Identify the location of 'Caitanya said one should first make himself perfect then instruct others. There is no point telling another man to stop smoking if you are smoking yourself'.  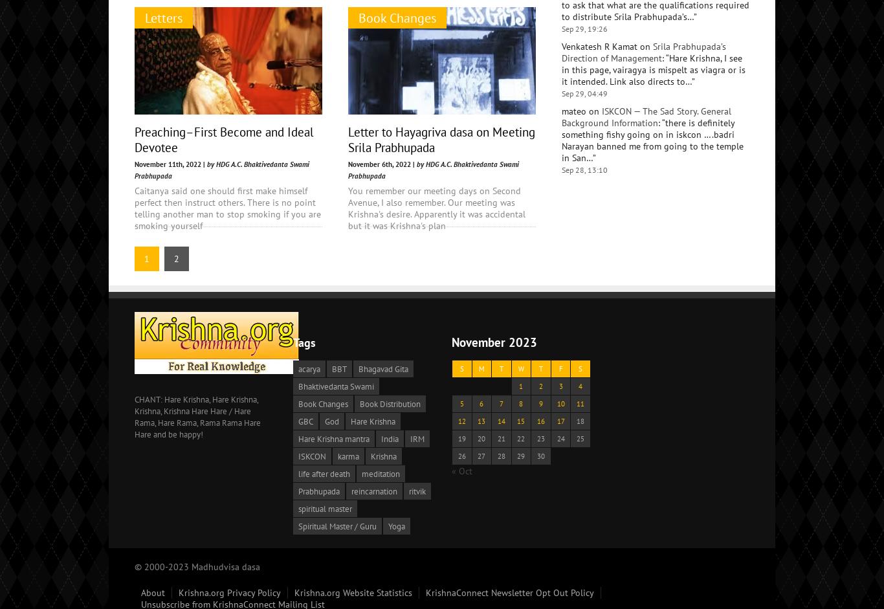
(227, 208).